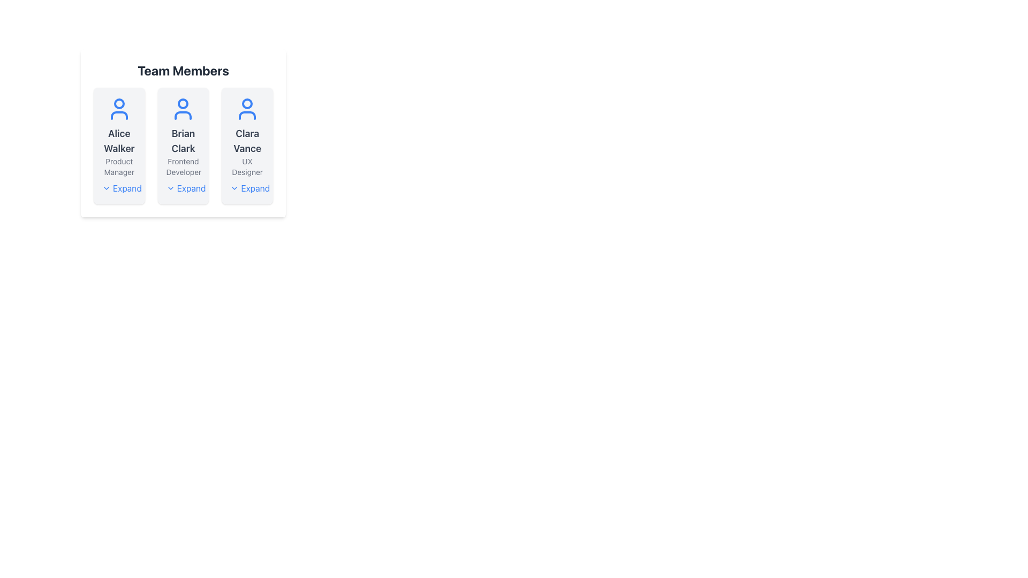  What do you see at coordinates (119, 140) in the screenshot?
I see `the text label displaying 'Alice Walker' in bold, located in the first profile card of the 'Team Members' section, below the user icon and above the 'Product Manager' title` at bounding box center [119, 140].